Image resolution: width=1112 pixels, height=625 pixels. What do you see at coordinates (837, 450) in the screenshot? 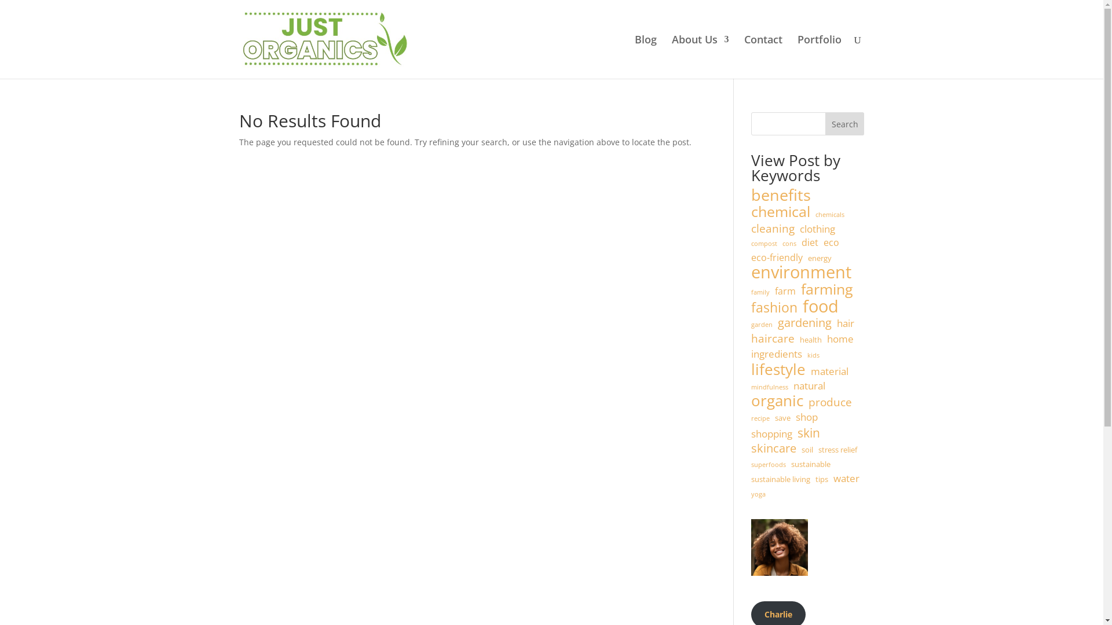
I see `'stress relief'` at bounding box center [837, 450].